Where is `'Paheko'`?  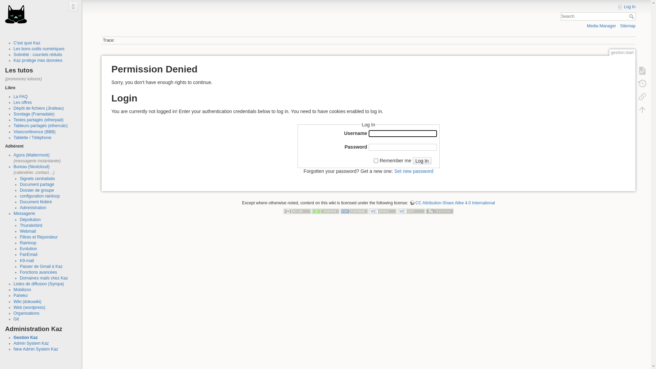
'Paheko' is located at coordinates (21, 295).